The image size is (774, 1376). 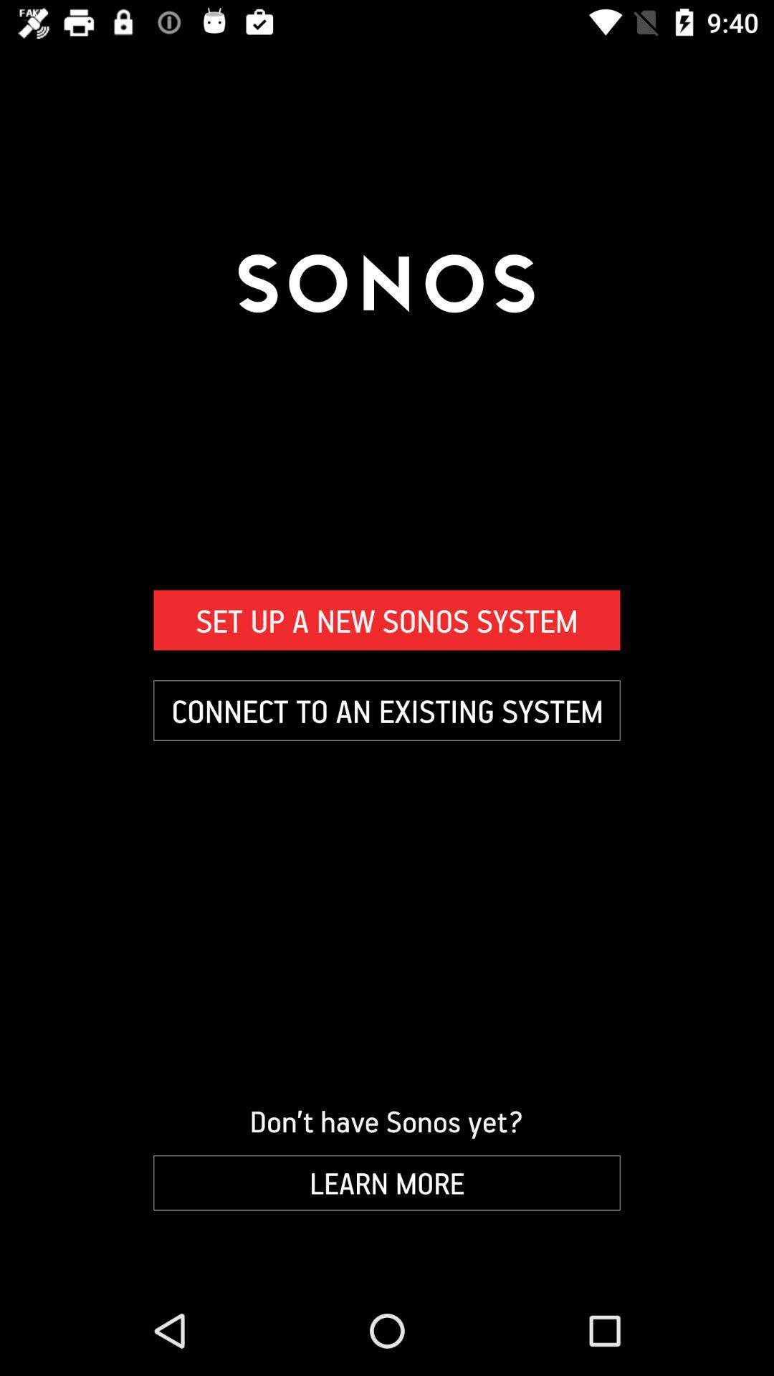 I want to click on the connect to an, so click(x=387, y=710).